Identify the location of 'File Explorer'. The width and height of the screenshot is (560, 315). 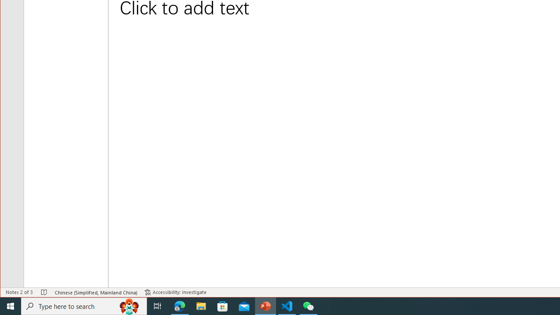
(201, 305).